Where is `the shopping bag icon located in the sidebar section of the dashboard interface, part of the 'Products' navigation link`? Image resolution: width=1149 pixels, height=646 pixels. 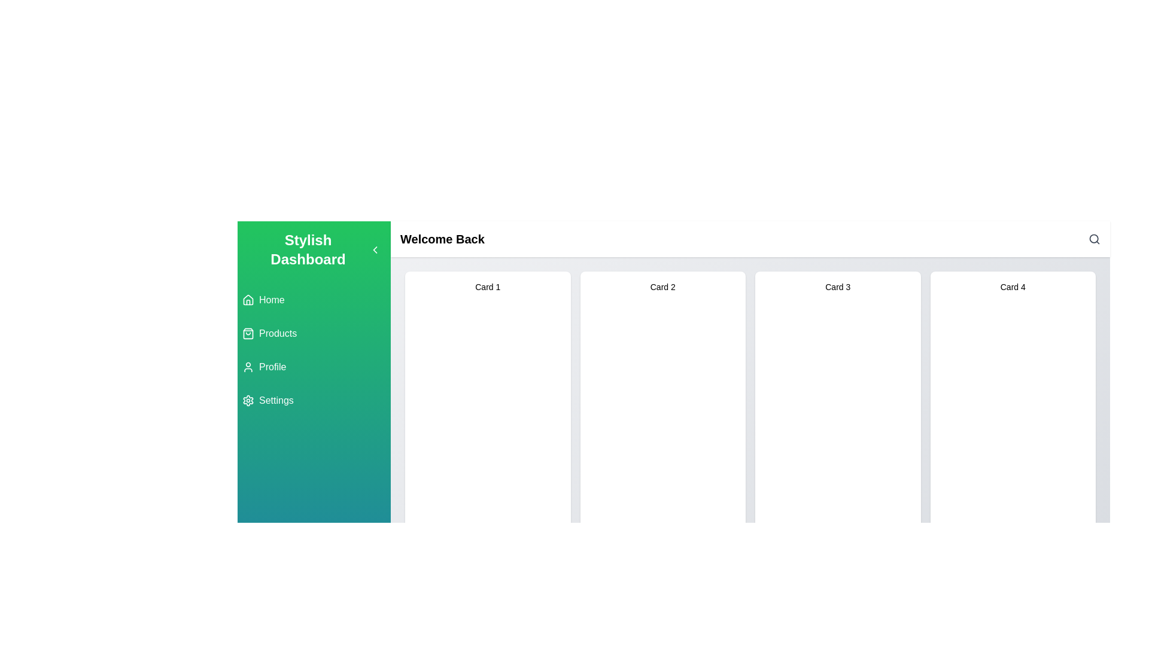
the shopping bag icon located in the sidebar section of the dashboard interface, part of the 'Products' navigation link is located at coordinates (247, 334).